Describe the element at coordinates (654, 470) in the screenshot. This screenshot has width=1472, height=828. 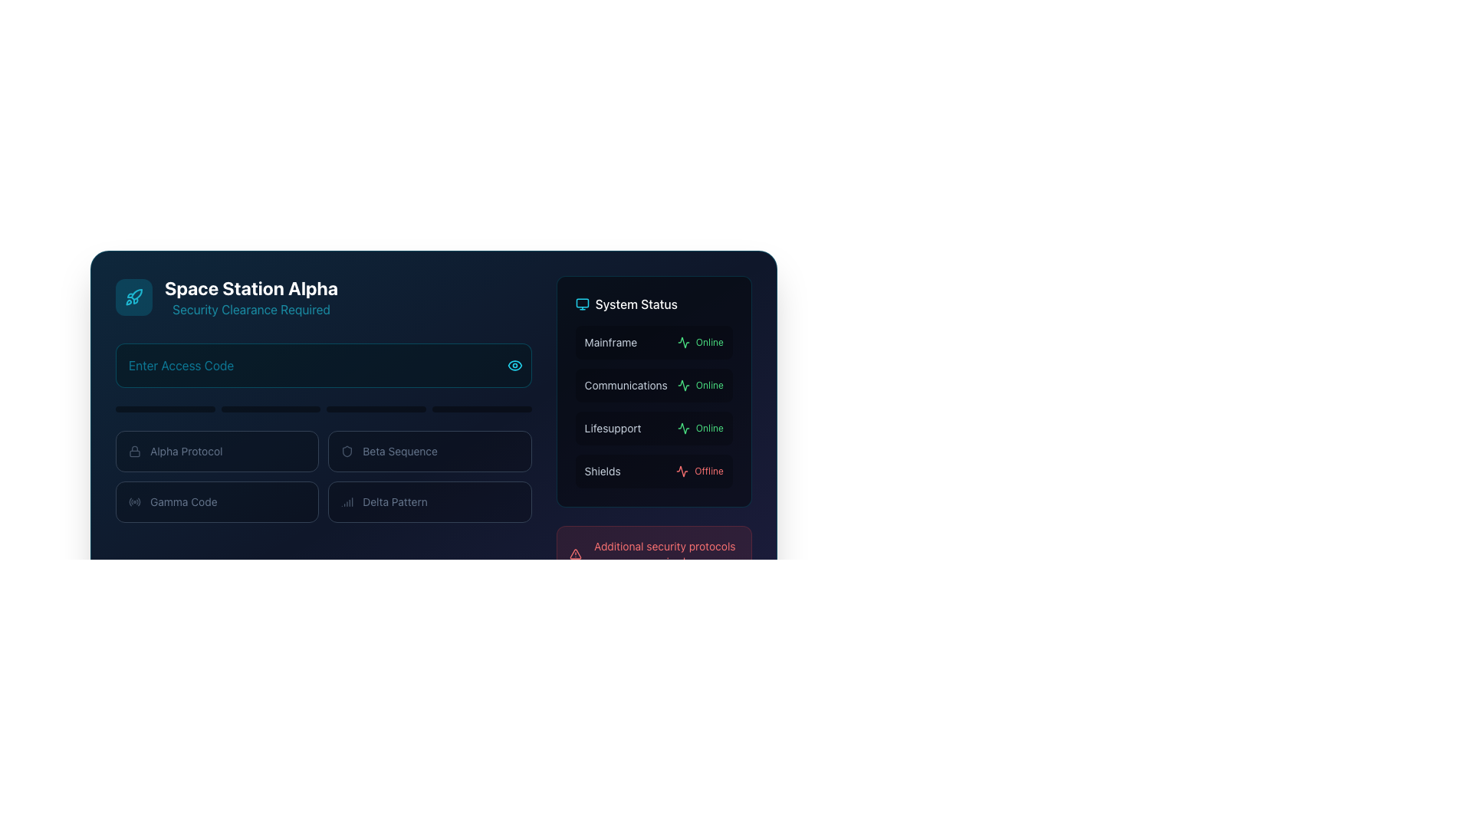
I see `status of the 'Shields' indicator, which is the last item in the vertical list of the 'System Status' panel and currently shows 'Offline'` at that location.